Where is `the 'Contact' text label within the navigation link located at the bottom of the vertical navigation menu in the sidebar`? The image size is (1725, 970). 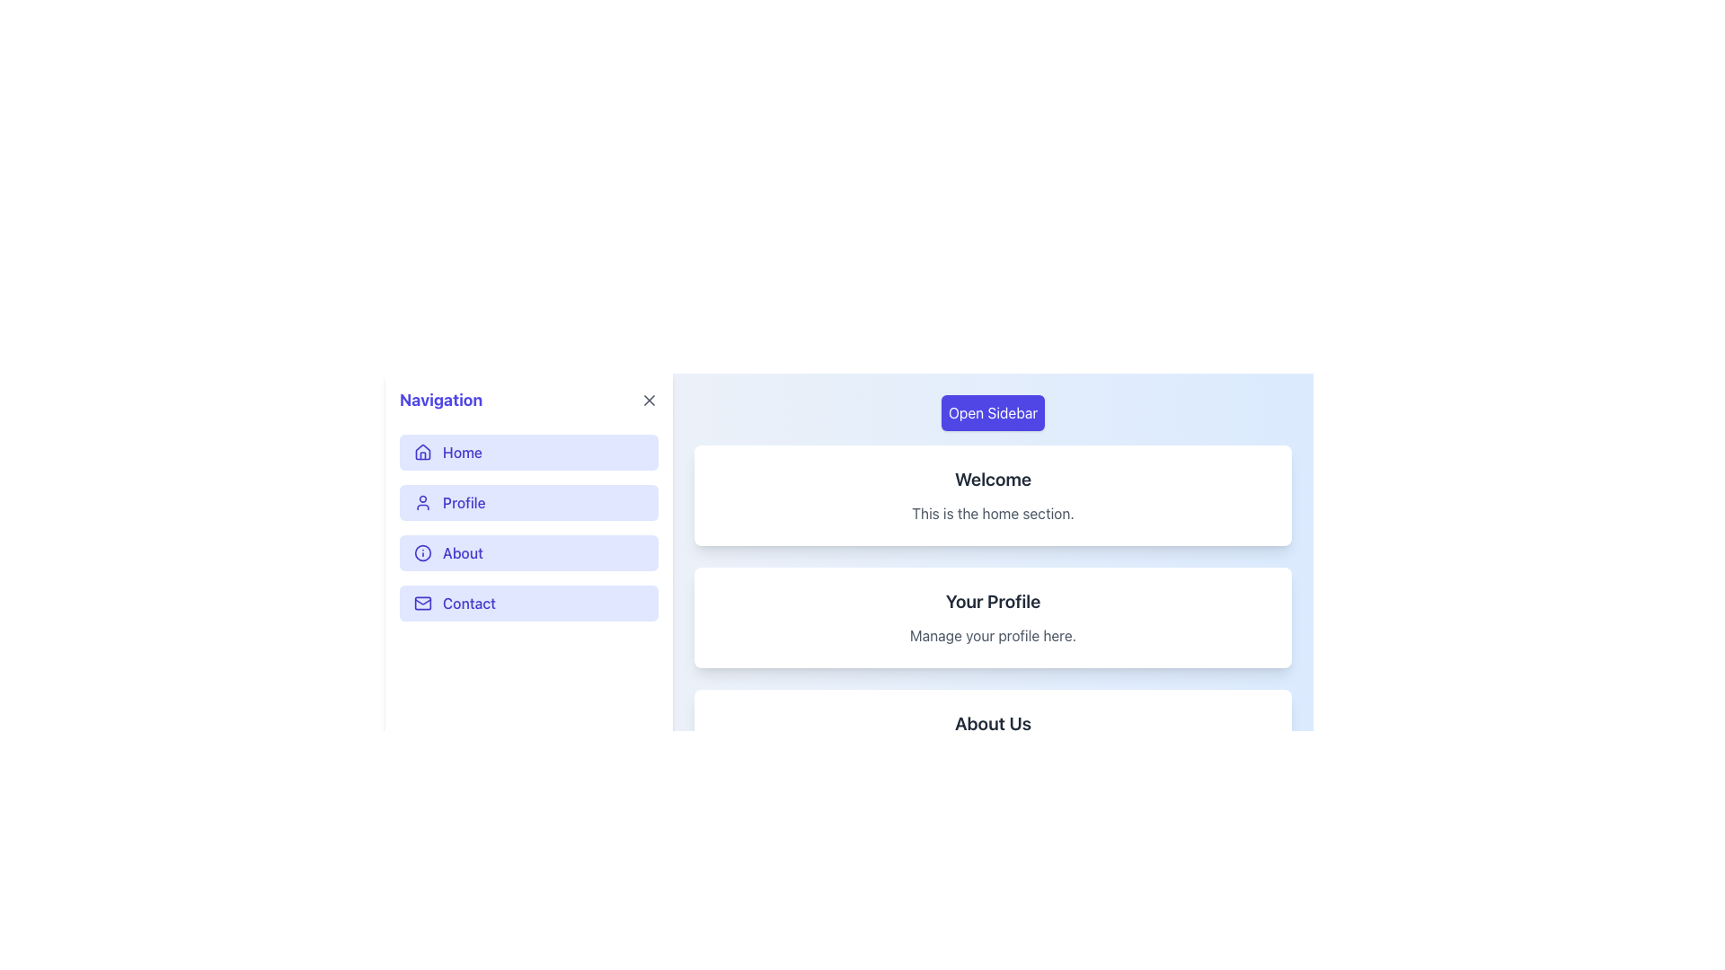
the 'Contact' text label within the navigation link located at the bottom of the vertical navigation menu in the sidebar is located at coordinates (469, 603).